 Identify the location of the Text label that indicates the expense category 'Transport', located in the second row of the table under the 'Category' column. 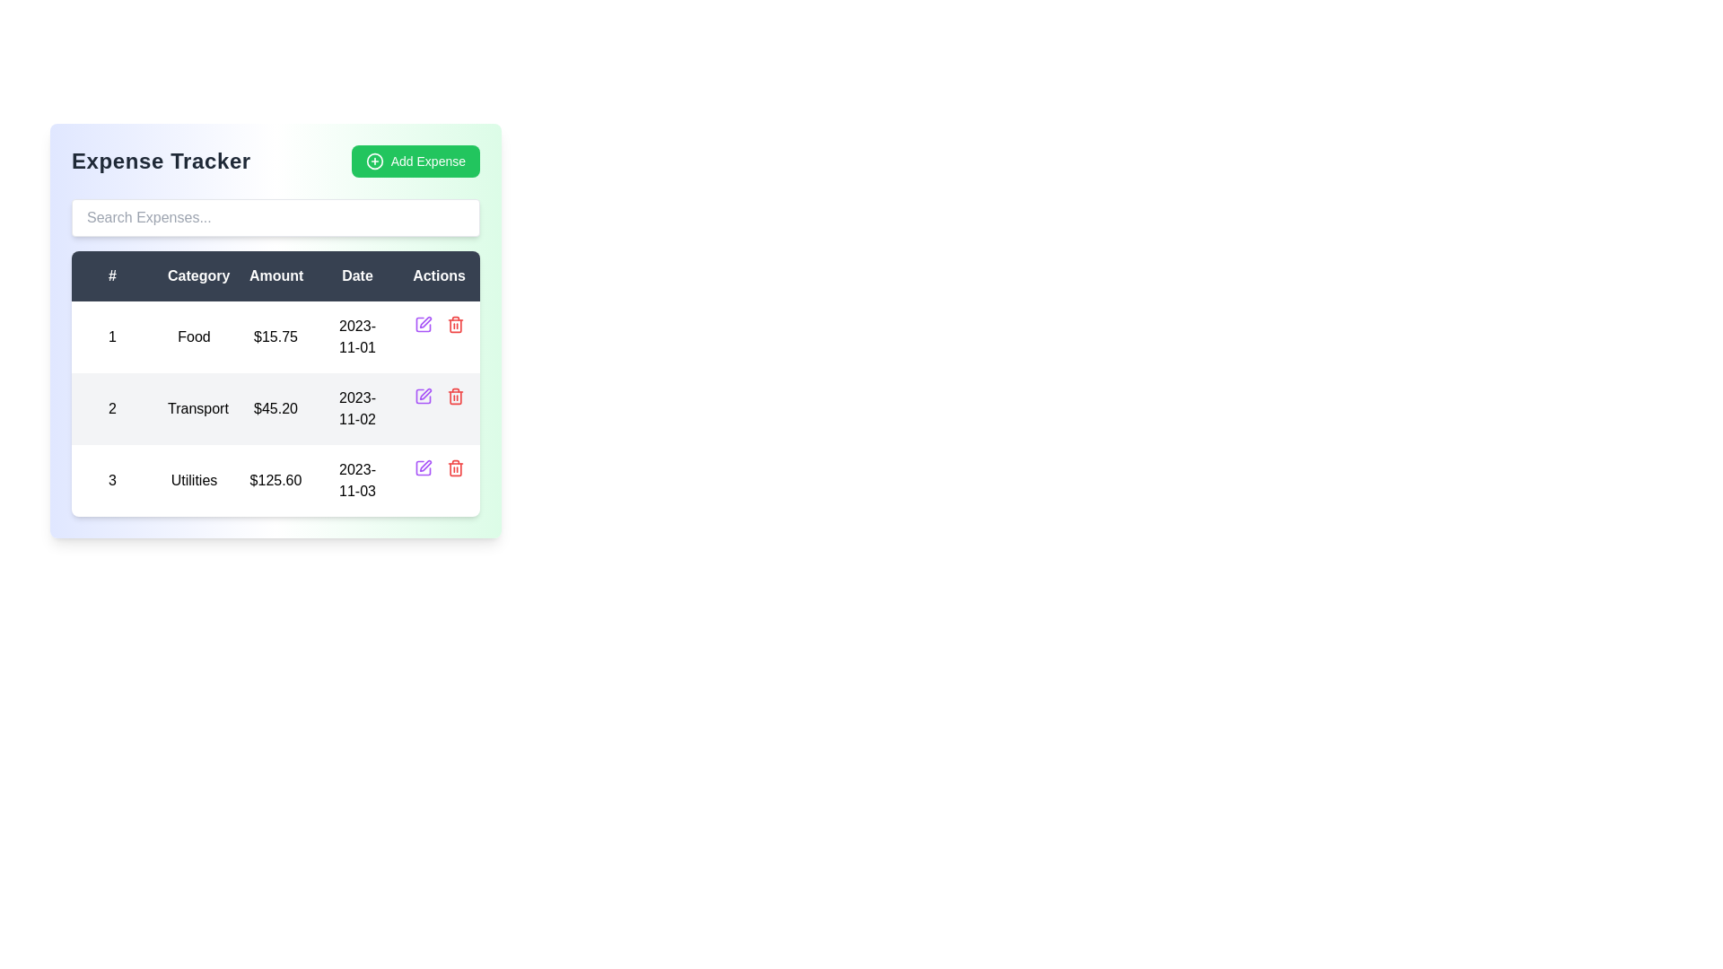
(194, 408).